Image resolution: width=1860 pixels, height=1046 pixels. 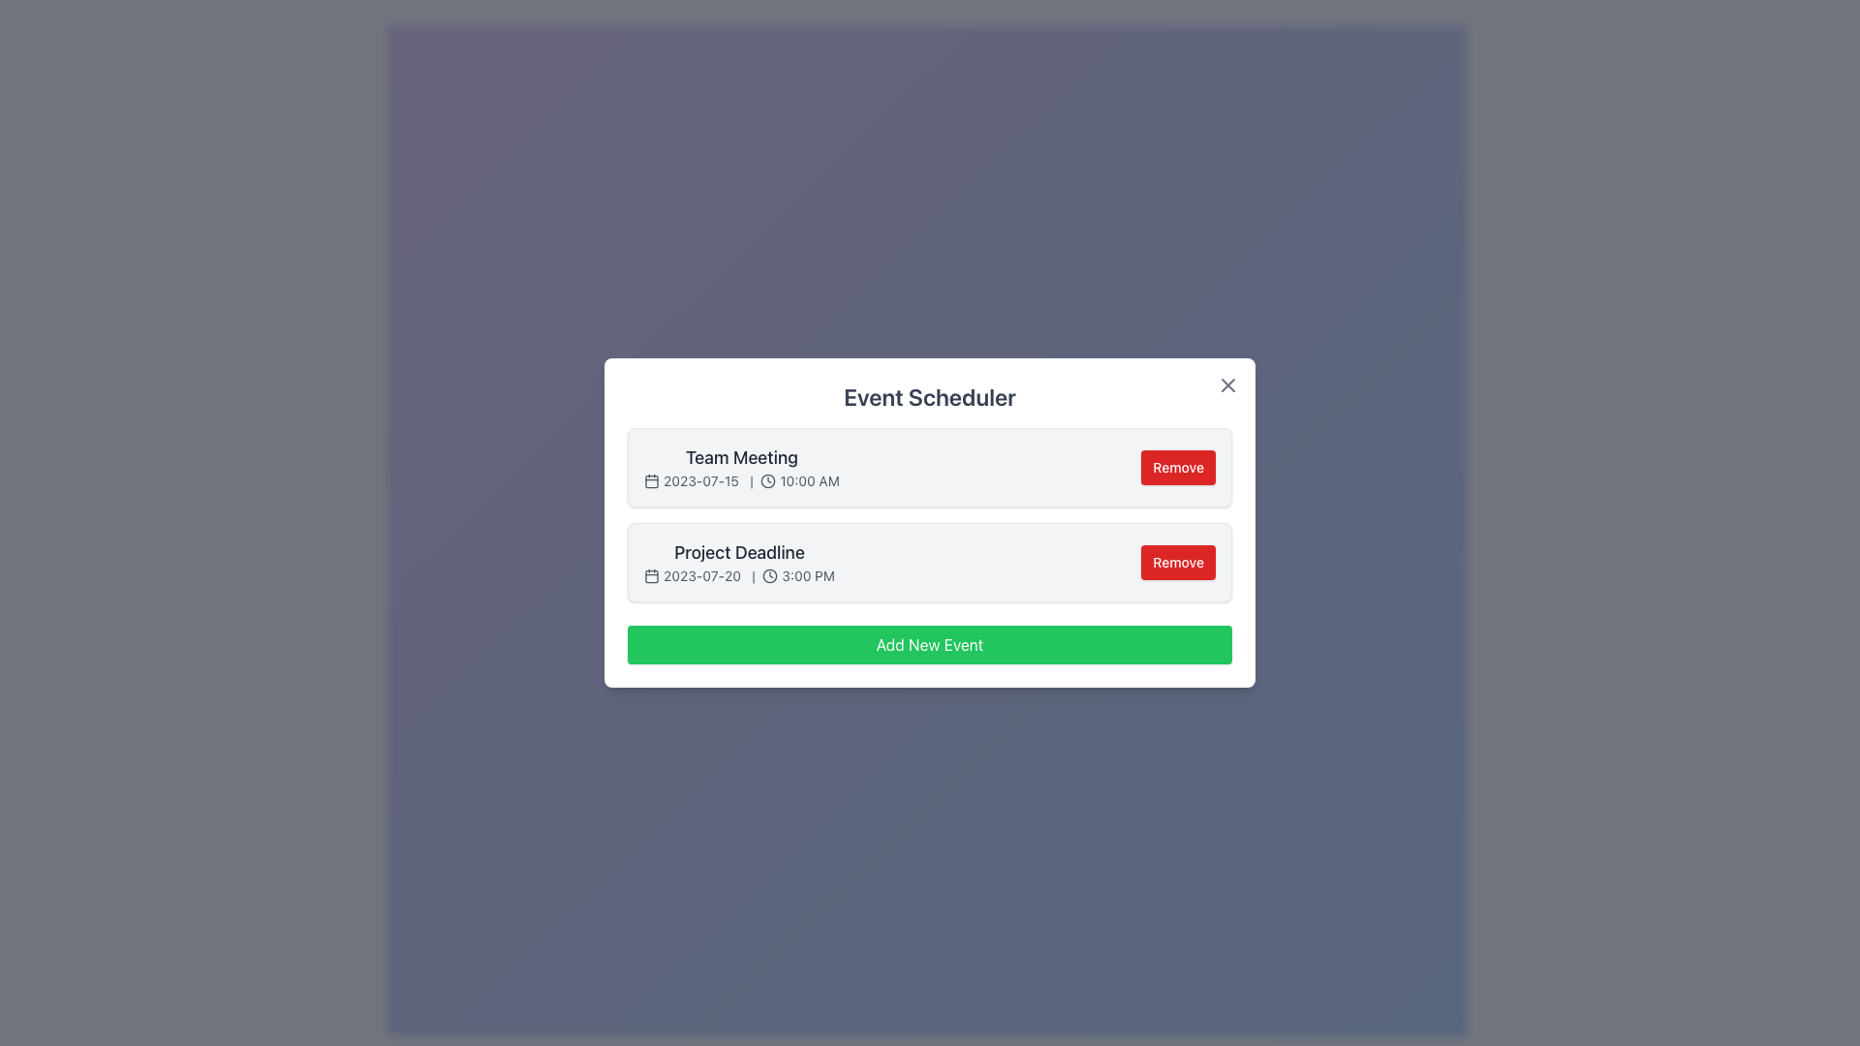 I want to click on the header text element labeled 'Project Deadline', which is located in the middle-right section of the 'Event Scheduler' modal, underneath the 'Team Meeting' entry, so click(x=738, y=552).